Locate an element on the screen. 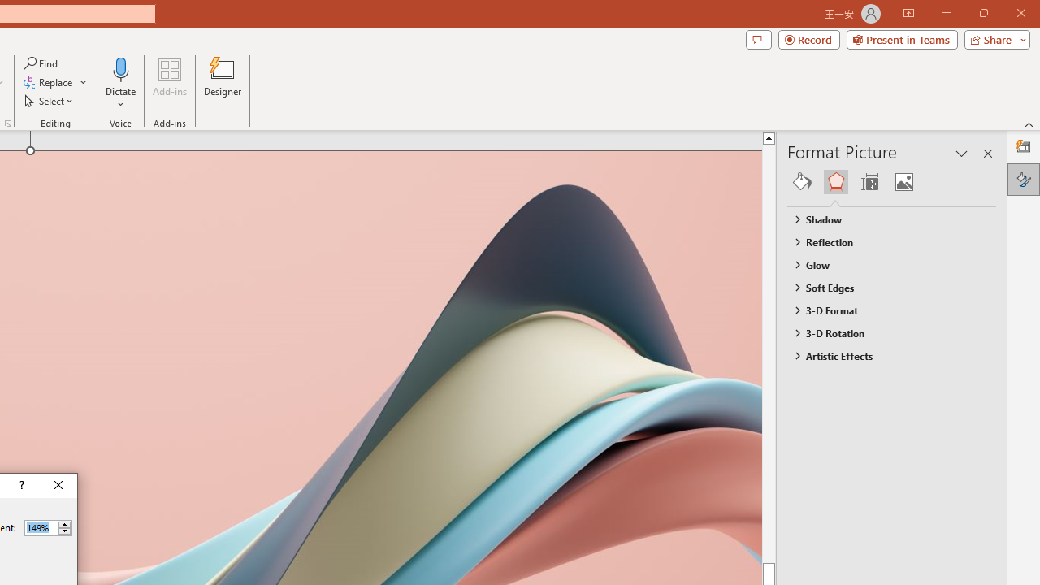 The image size is (1040, 585). 'Less' is located at coordinates (64, 531).